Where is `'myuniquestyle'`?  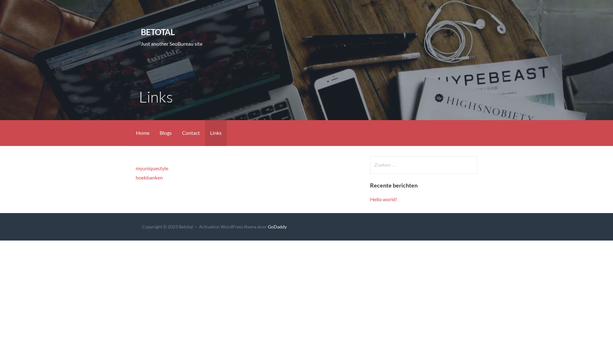
'myuniquestyle' is located at coordinates (151, 168).